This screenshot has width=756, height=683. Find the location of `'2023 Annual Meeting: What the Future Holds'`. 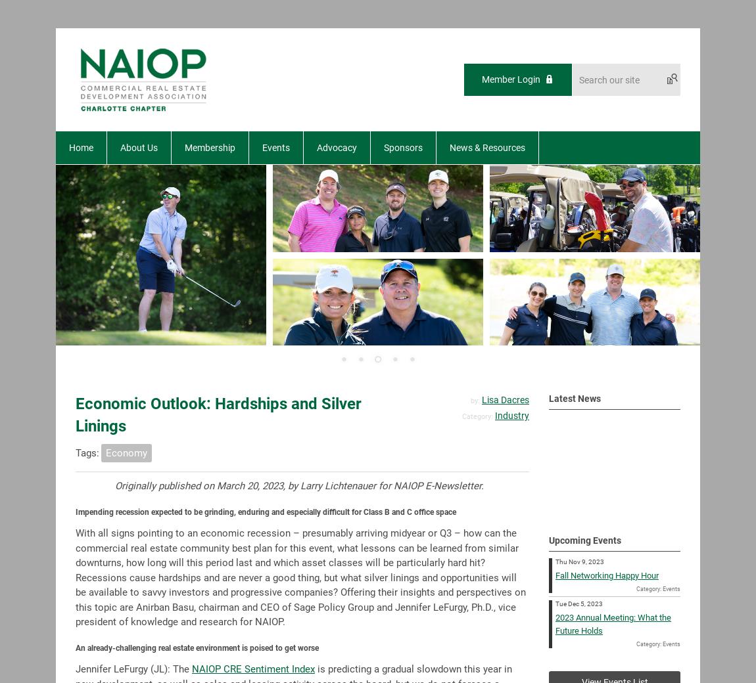

'2023 Annual Meeting: What the Future Holds' is located at coordinates (613, 624).